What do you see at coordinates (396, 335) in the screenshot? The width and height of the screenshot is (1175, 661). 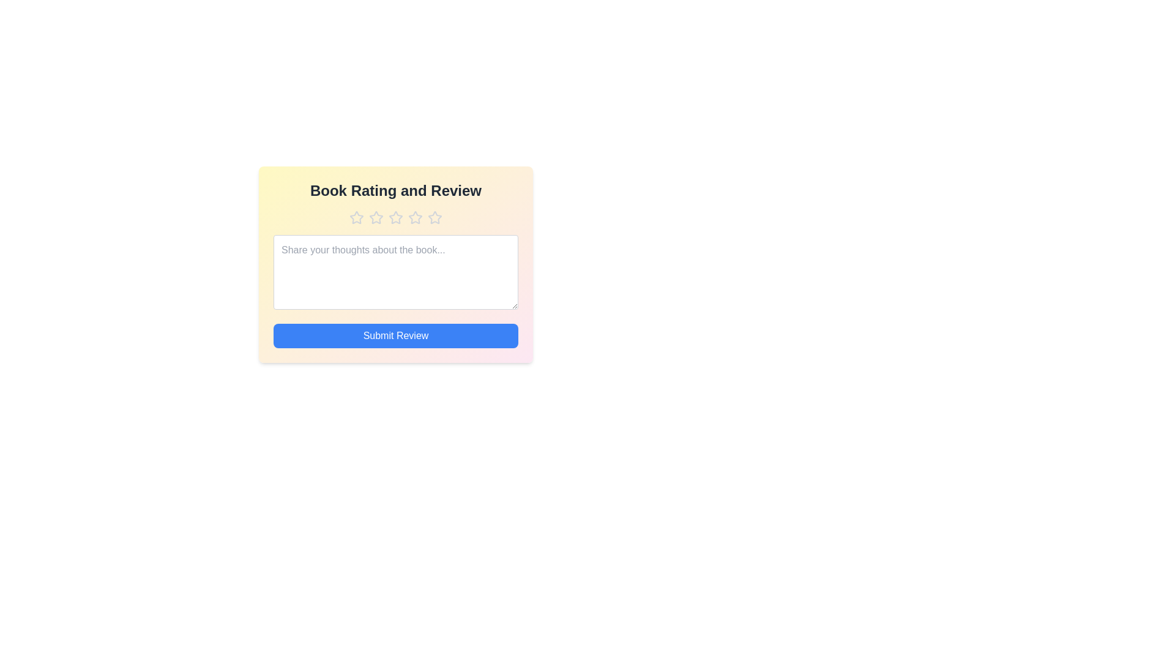 I see `the 'Submit Review' button to submit the review` at bounding box center [396, 335].